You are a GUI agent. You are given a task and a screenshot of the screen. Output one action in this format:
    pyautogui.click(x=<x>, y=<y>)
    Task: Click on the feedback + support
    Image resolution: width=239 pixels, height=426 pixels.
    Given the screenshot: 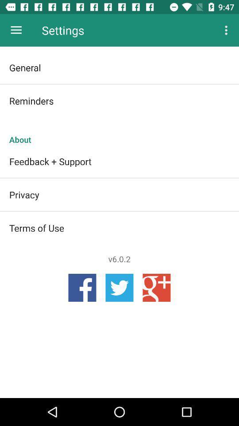 What is the action you would take?
    pyautogui.click(x=119, y=161)
    